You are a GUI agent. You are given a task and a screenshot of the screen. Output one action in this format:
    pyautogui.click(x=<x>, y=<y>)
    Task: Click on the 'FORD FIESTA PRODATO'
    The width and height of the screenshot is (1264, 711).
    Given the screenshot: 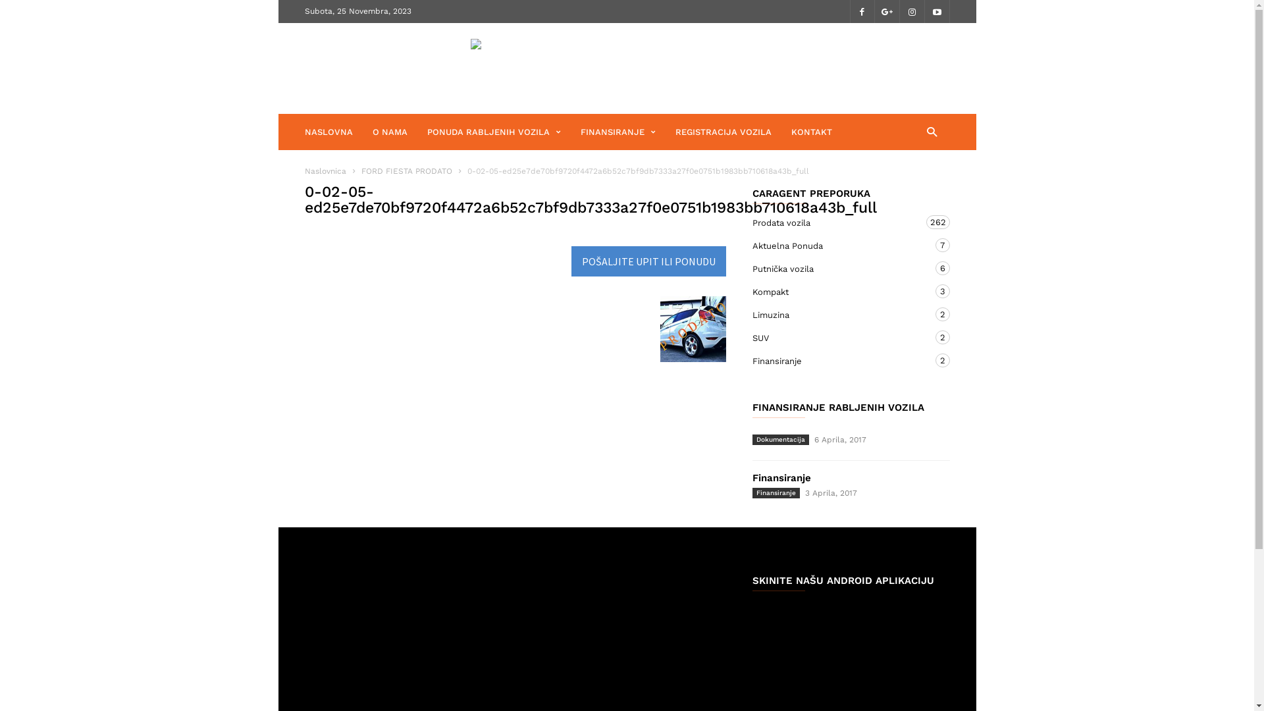 What is the action you would take?
    pyautogui.click(x=407, y=170)
    